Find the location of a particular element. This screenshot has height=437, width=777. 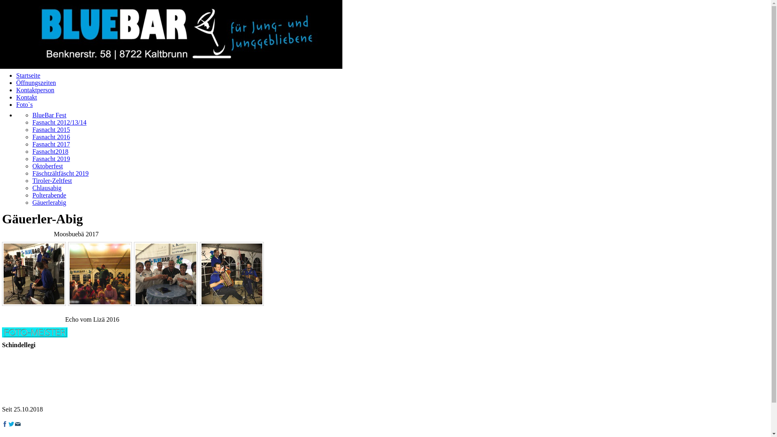

'E-Mail' is located at coordinates (17, 424).